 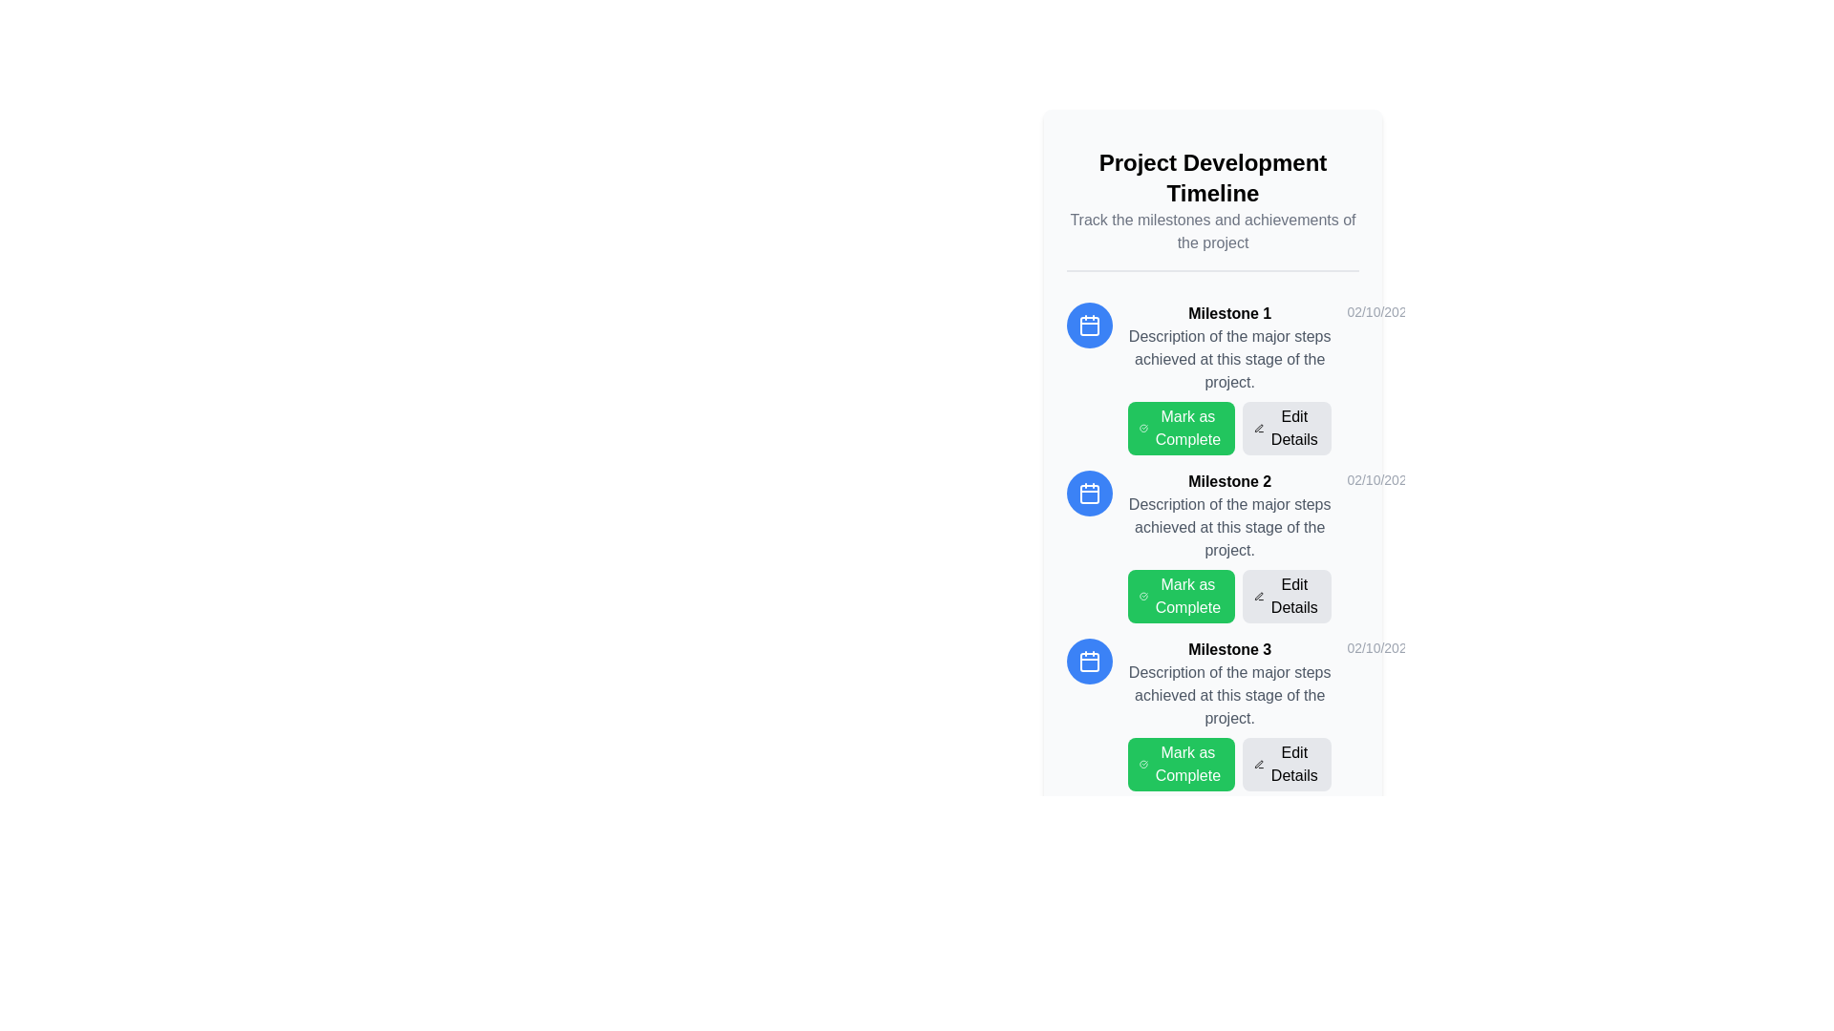 What do you see at coordinates (1181, 764) in the screenshot?
I see `the button to mark the milestone as completed, located in the Milestone 3 section of the interface` at bounding box center [1181, 764].